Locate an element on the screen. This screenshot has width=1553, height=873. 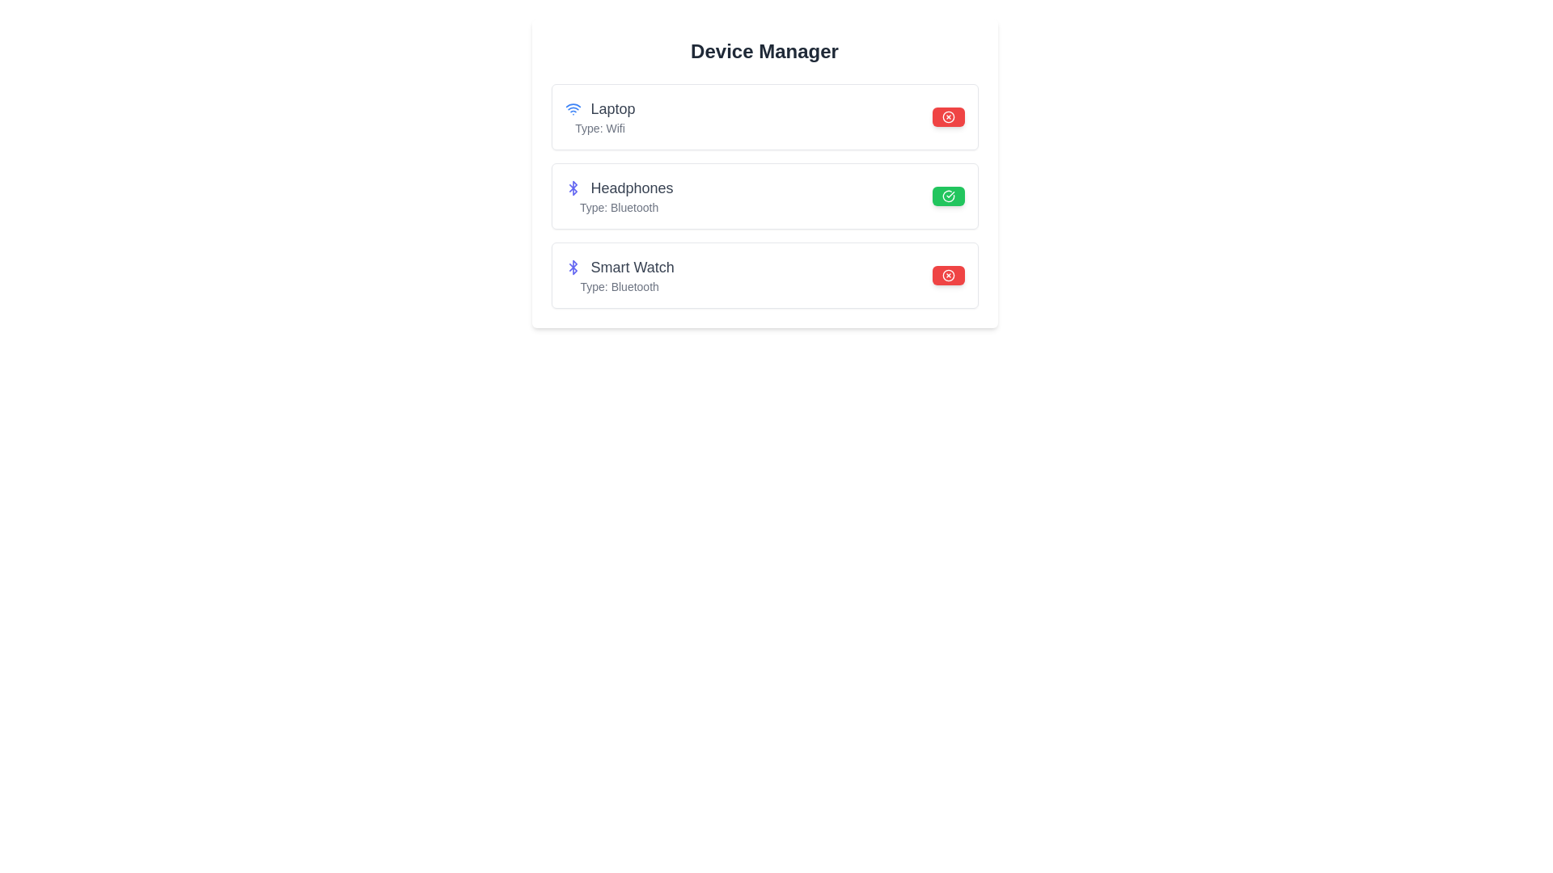
the informational text element that provides details about the 'Laptop' device with type 'Wifi', located in the topmost card of the 'Device Manager' section is located at coordinates (599, 116).